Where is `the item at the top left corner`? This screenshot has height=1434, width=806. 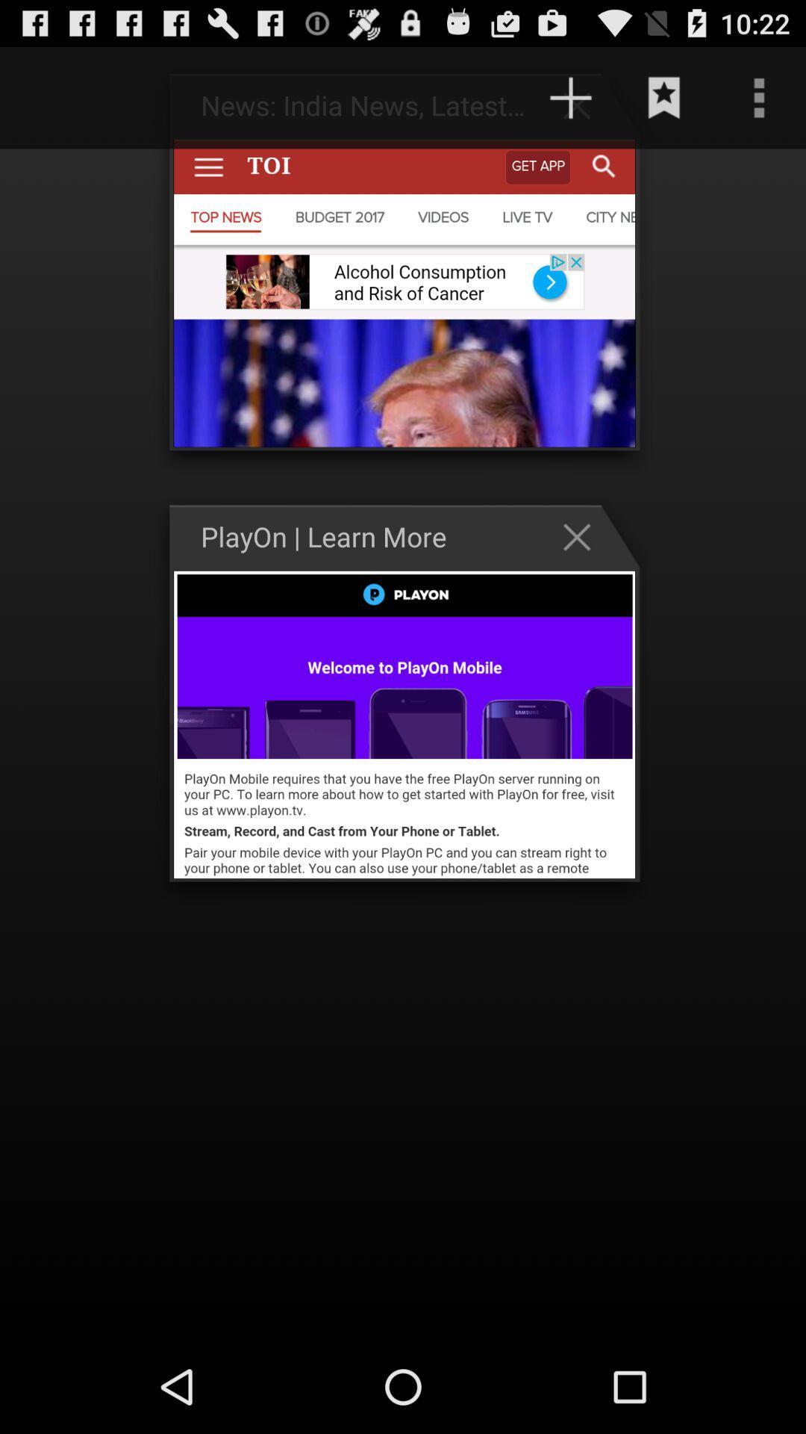 the item at the top left corner is located at coordinates (60, 97).